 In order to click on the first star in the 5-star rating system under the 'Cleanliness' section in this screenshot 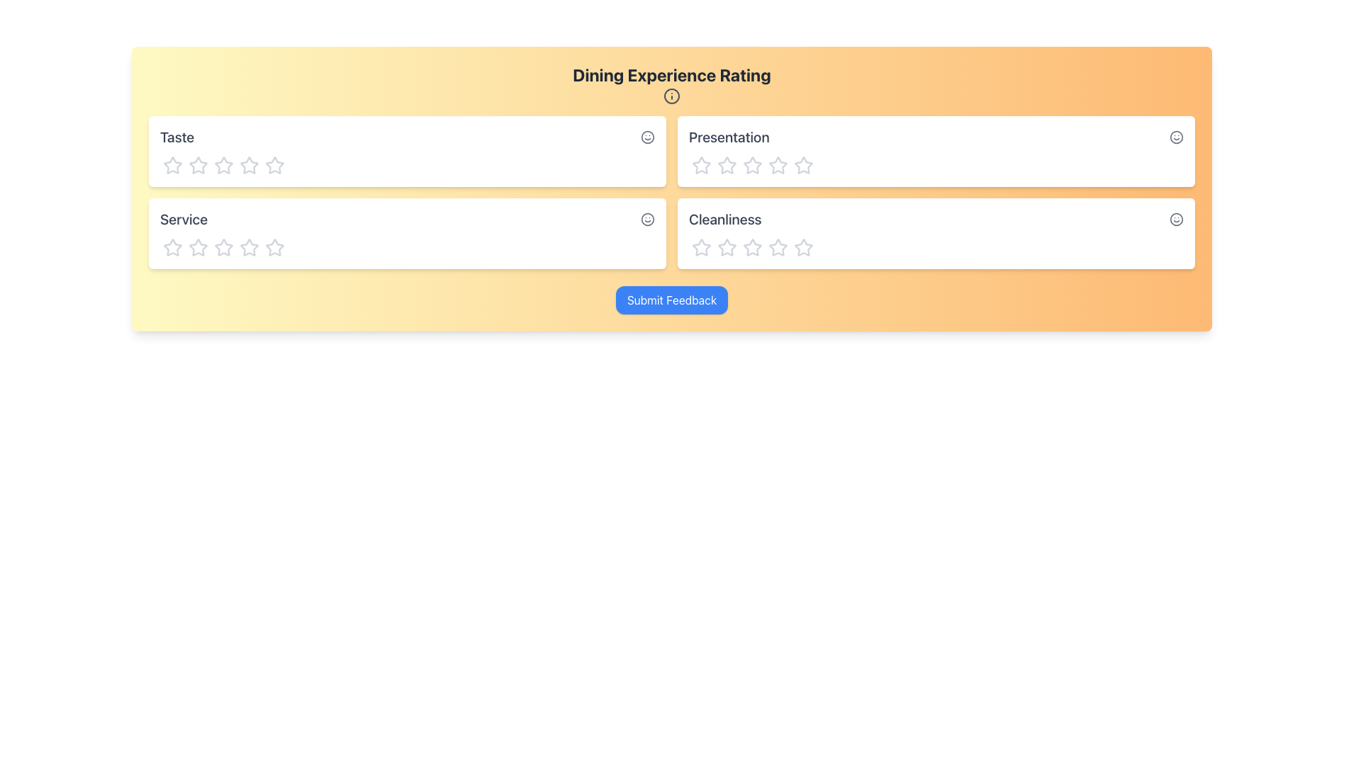, I will do `click(701, 246)`.